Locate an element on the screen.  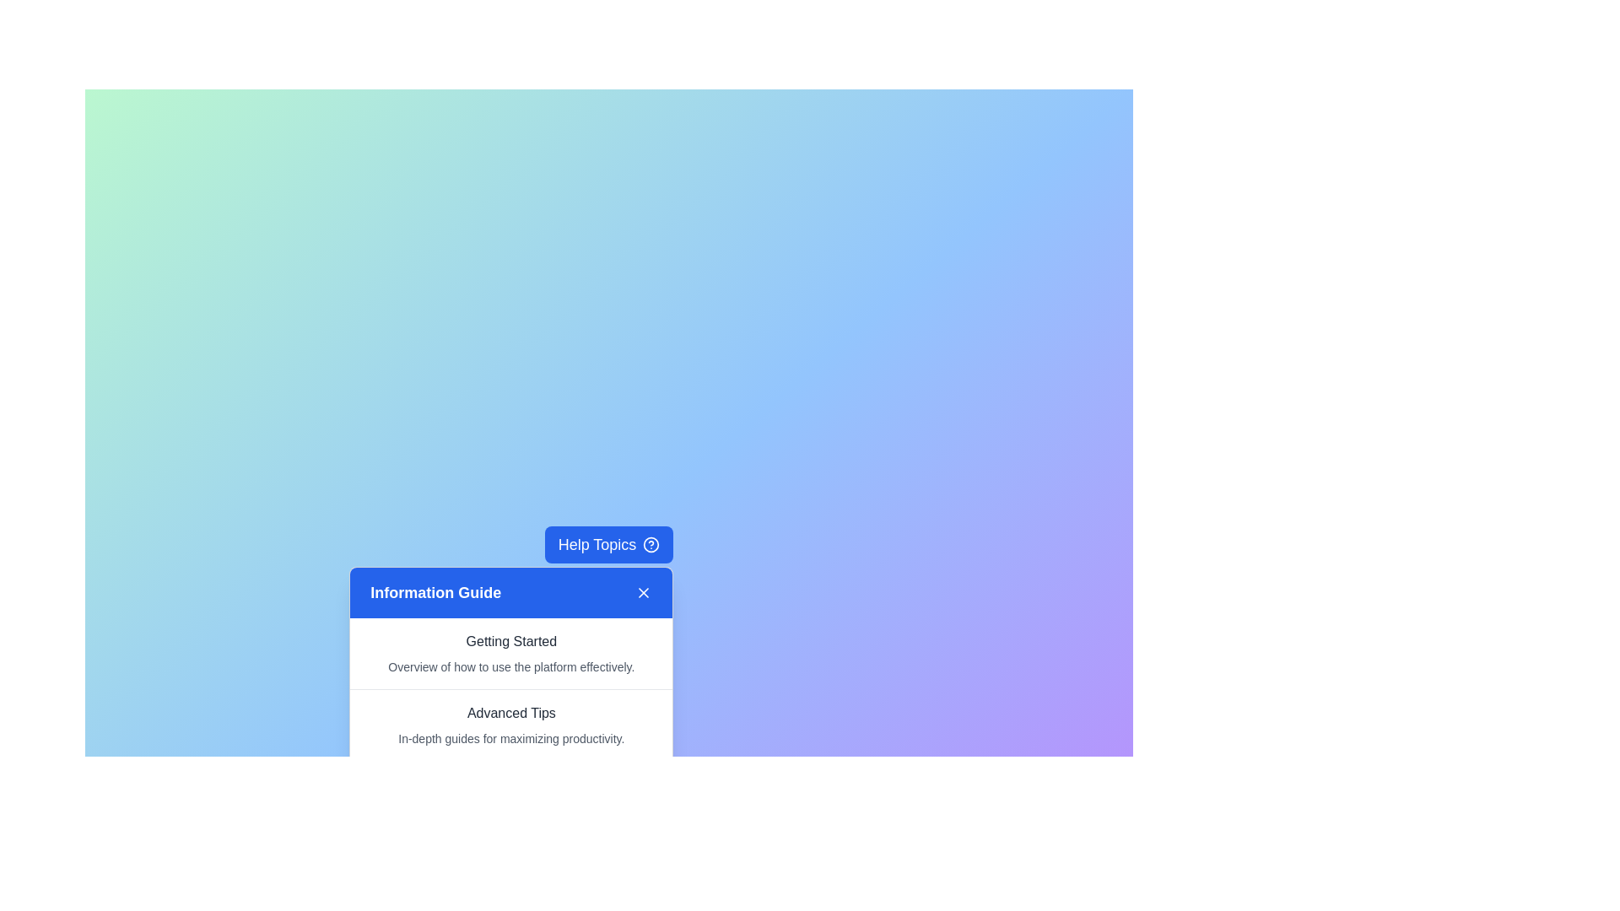
the help icon (SVG) located to the right of the 'Help Topics' button is located at coordinates (651, 544).